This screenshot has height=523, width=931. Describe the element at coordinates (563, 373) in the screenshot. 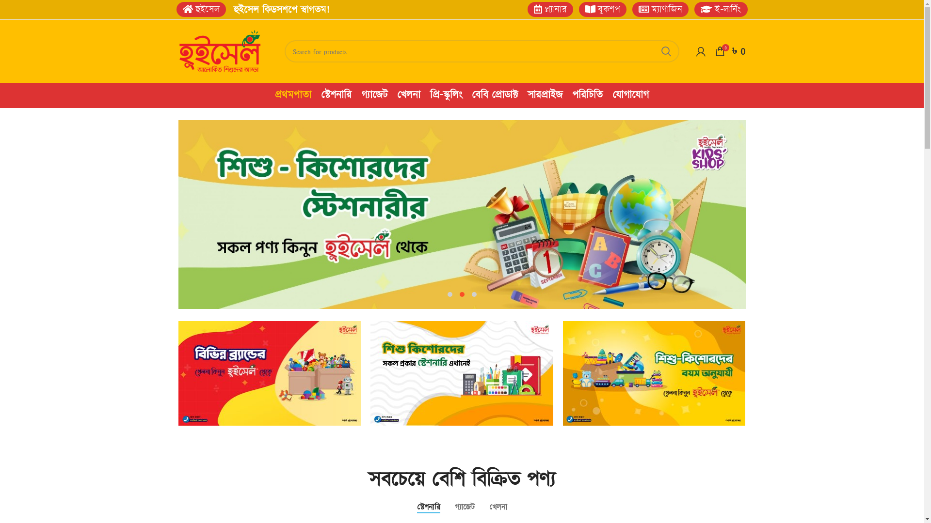

I see `'banner3'` at that location.